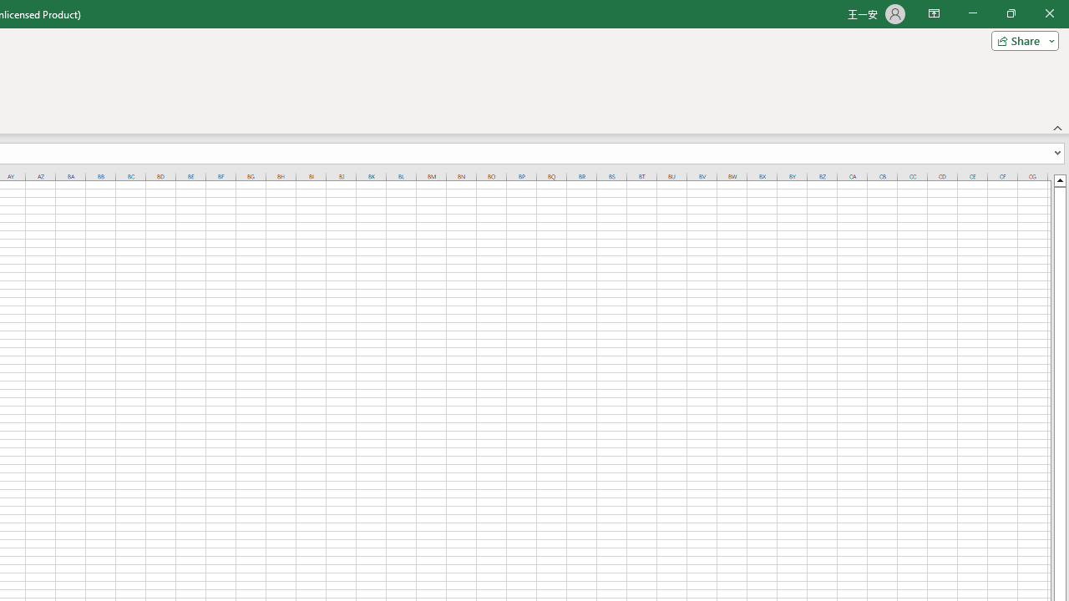  I want to click on 'Share', so click(1021, 39).